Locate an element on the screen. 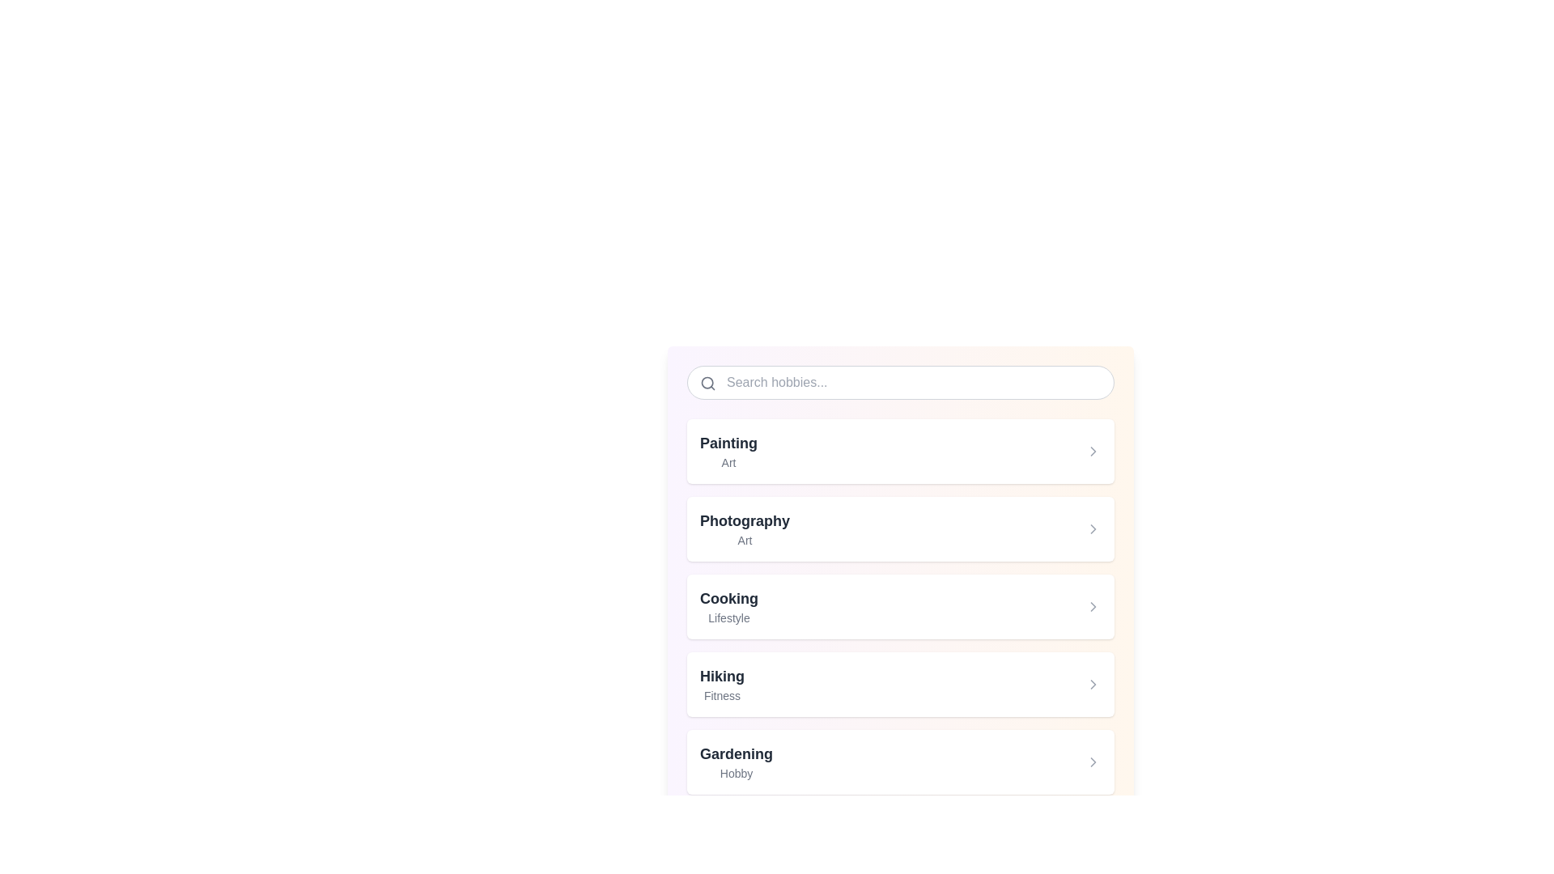 The height and width of the screenshot is (874, 1554). the 'Hiking' text label, which is styled in bold, large-size, sans-serif font, colored dark gray, and is located in the fourth row of a vertical list is located at coordinates (721, 677).